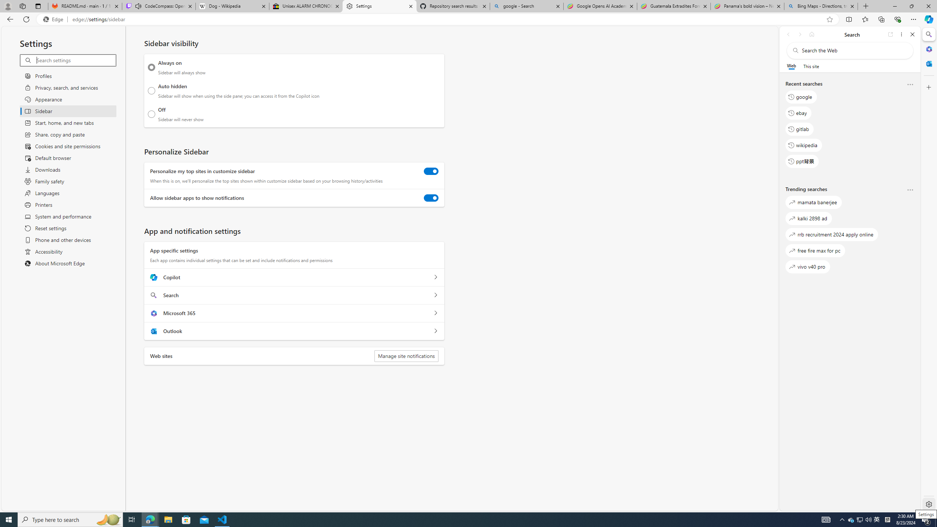 This screenshot has height=527, width=937. What do you see at coordinates (815, 250) in the screenshot?
I see `'free fire max for pc'` at bounding box center [815, 250].